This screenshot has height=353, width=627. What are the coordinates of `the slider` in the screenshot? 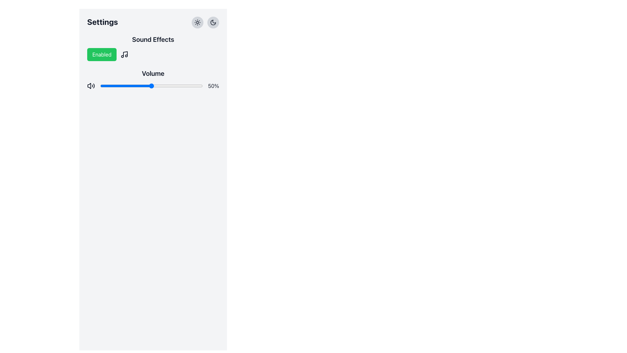 It's located at (163, 85).